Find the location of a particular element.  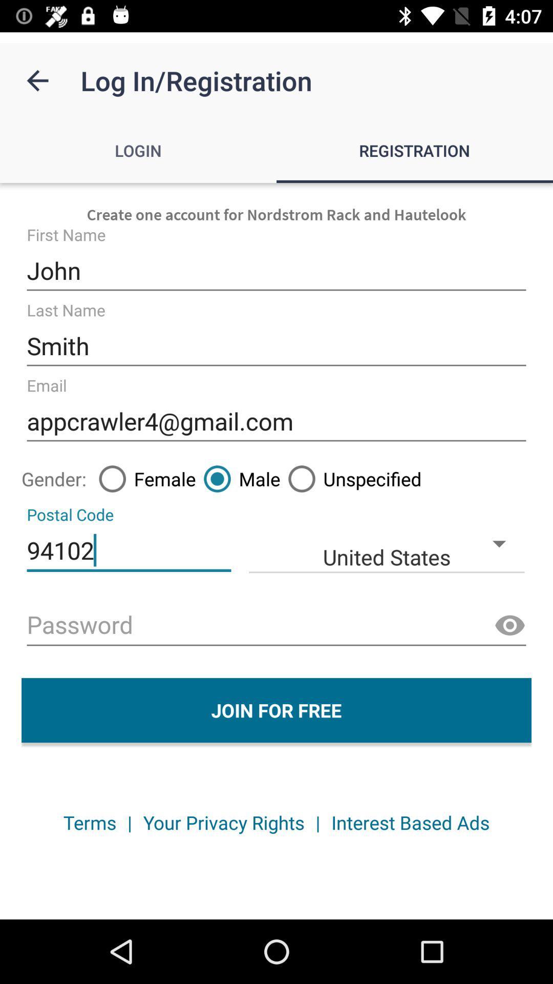

show the password is located at coordinates (509, 625).